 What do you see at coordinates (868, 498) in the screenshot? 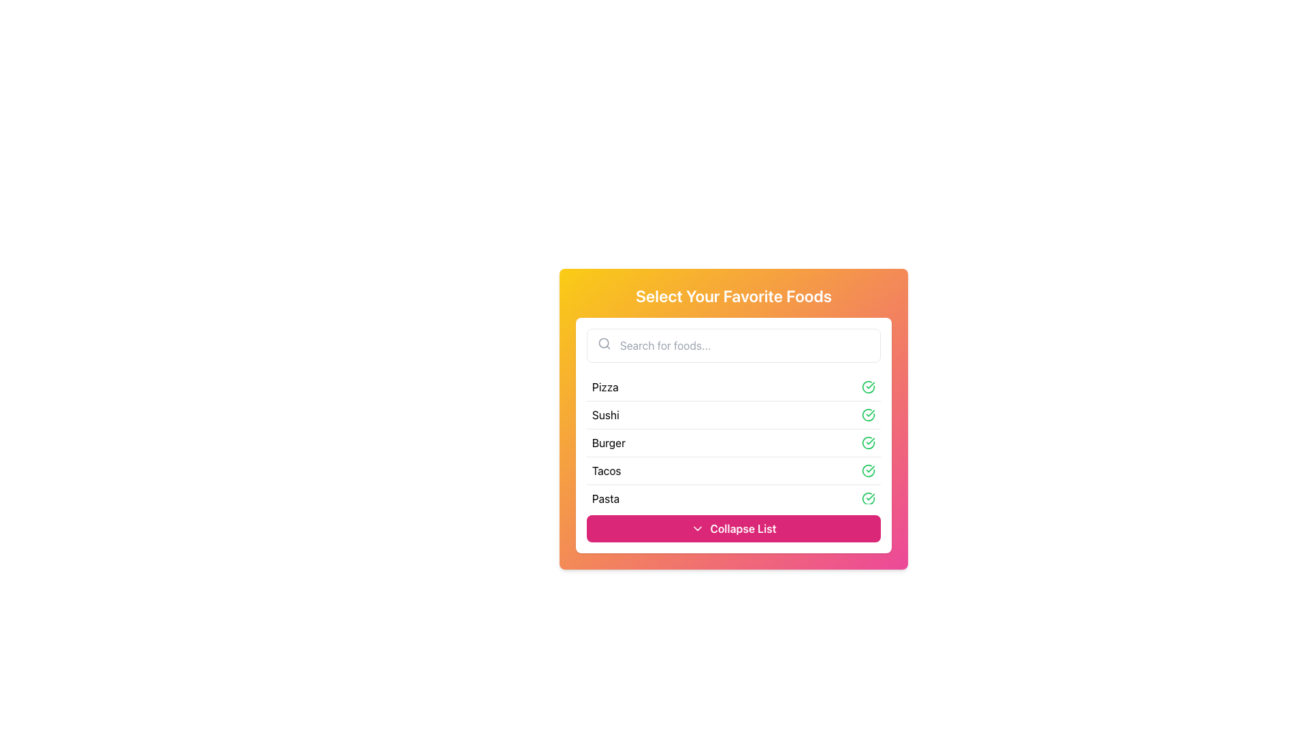
I see `the green checkmark icon enclosed in a circle, which is located to the far right of the text 'Pasta' in the last list item` at bounding box center [868, 498].